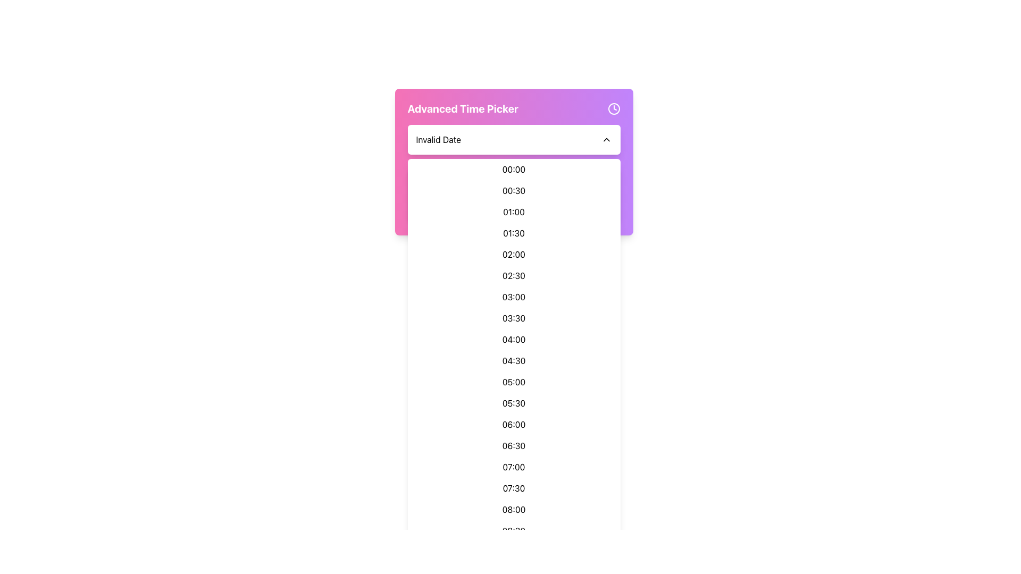 The height and width of the screenshot is (574, 1021). What do you see at coordinates (514, 381) in the screenshot?
I see `the eleventh selectable time option in the 'Advanced Time Picker' dropdown menu, which is displayed under the text field labeled 'Invalid Date'` at bounding box center [514, 381].